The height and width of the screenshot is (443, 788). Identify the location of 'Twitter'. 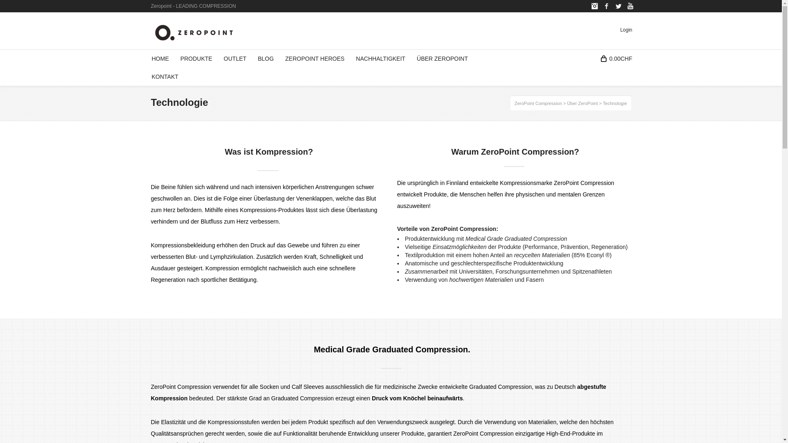
(618, 6).